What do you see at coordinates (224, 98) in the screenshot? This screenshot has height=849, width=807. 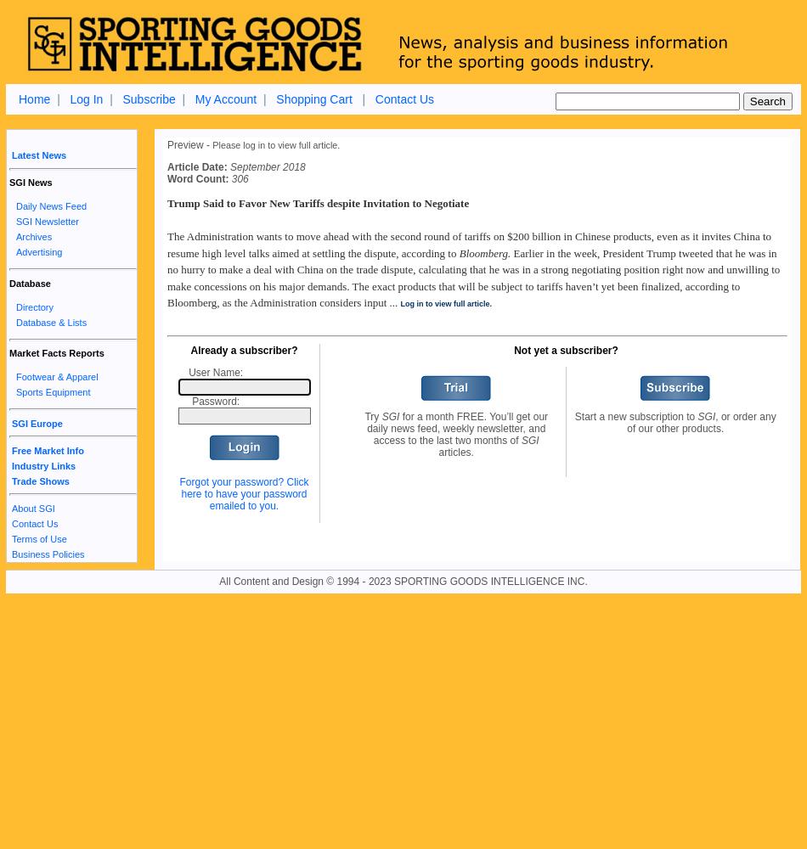 I see `'My Account'` at bounding box center [224, 98].